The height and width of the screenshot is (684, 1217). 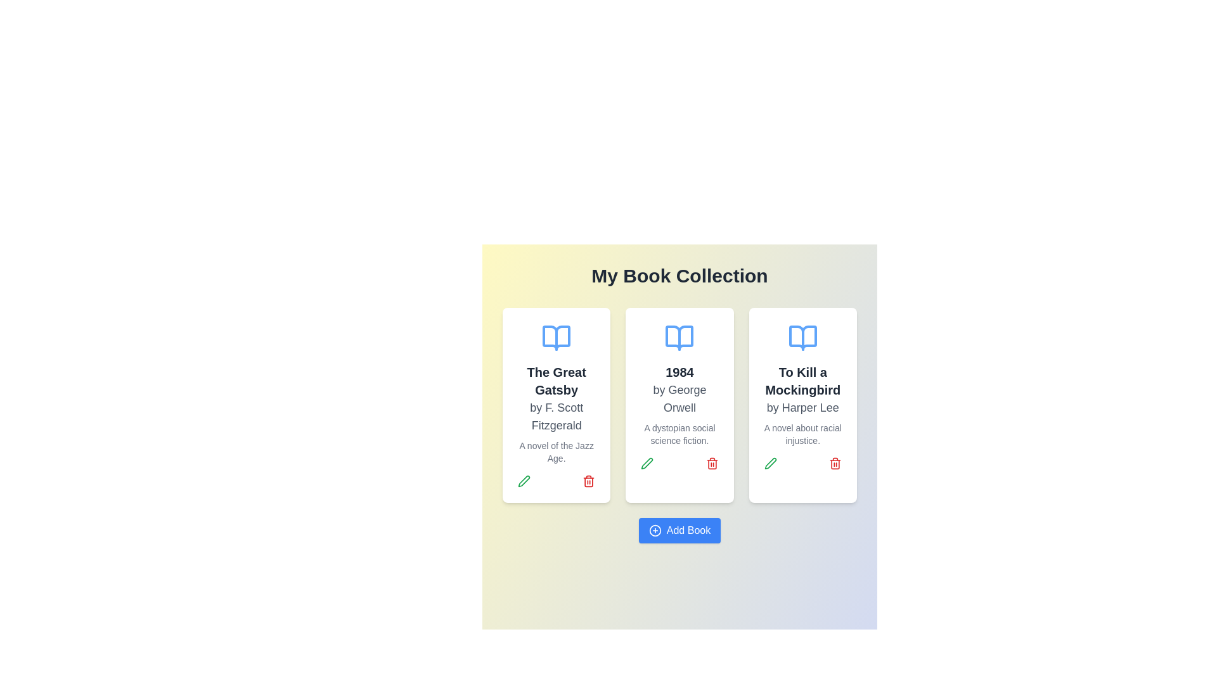 I want to click on the SVG Circle that indicates an addition operation, which is part of the blue 'Add Book' button located below the book cards, so click(x=655, y=530).